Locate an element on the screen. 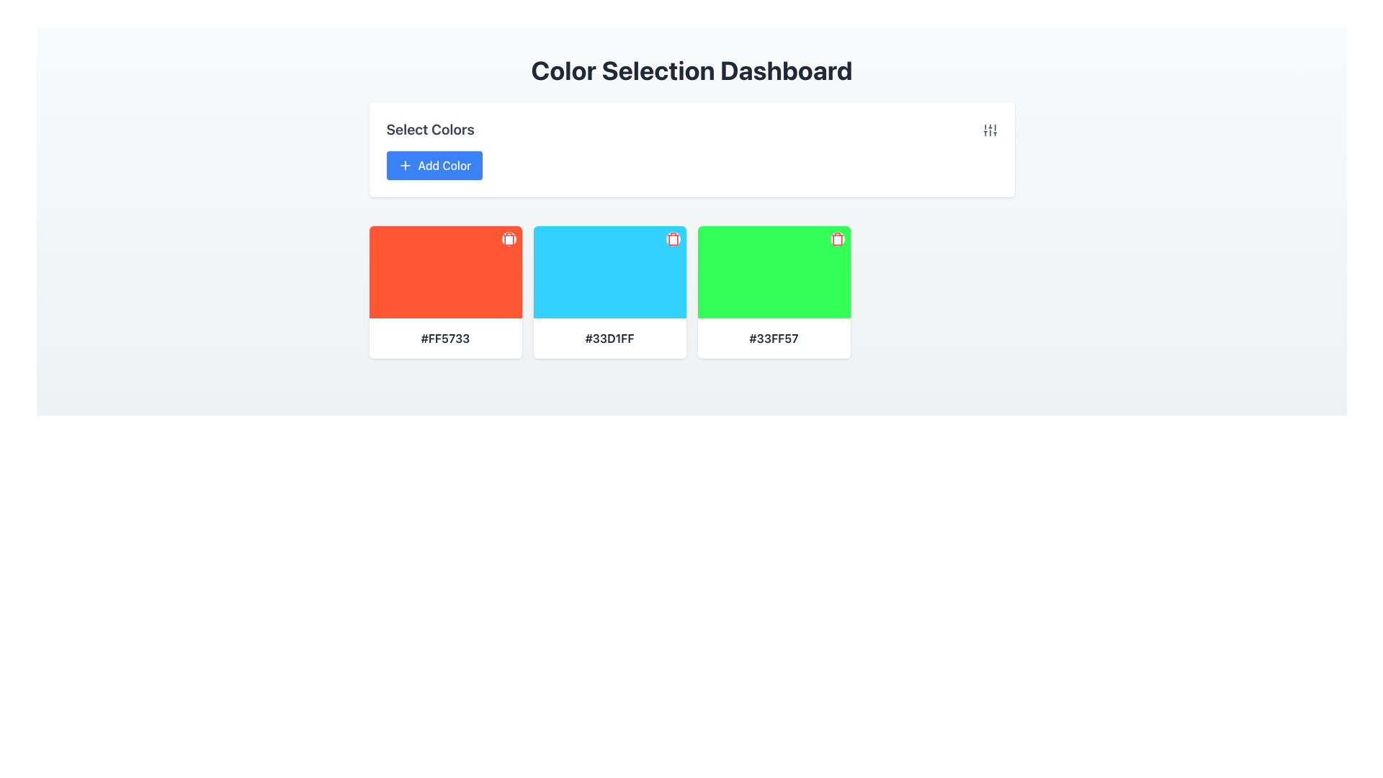  the circular delete button with a white background and a red trash can icon located at the top-right corner of the card colored '#FF5733' is located at coordinates (509, 238).